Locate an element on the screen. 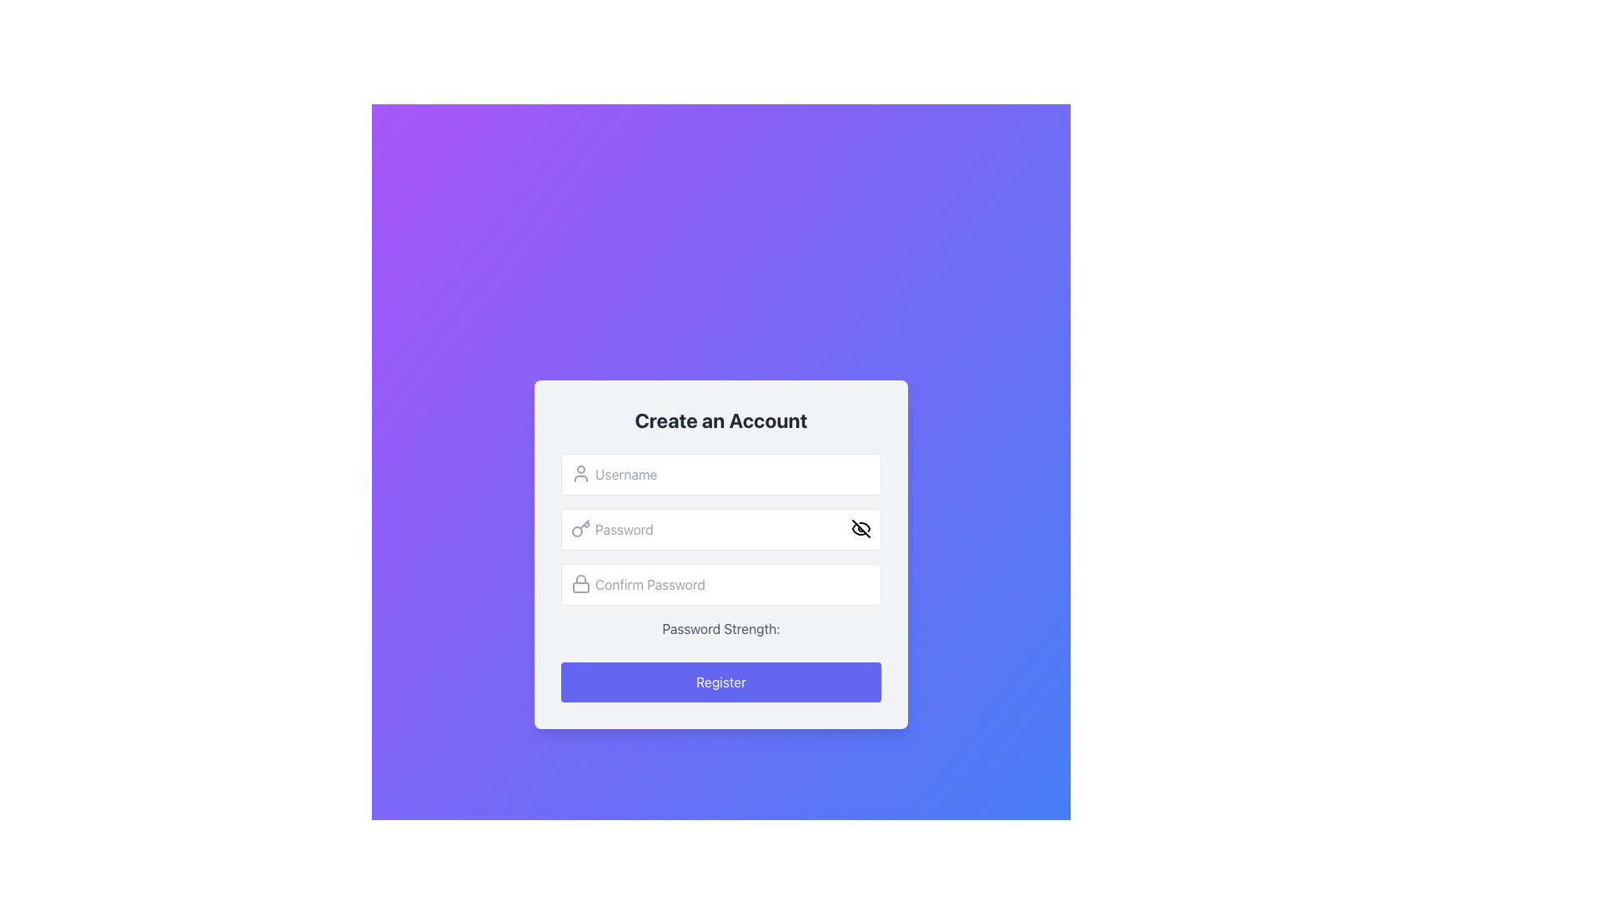 The width and height of the screenshot is (1601, 901). the username icon that visually represents the associated text input field, located at the left end inside the input area is located at coordinates (580, 473).